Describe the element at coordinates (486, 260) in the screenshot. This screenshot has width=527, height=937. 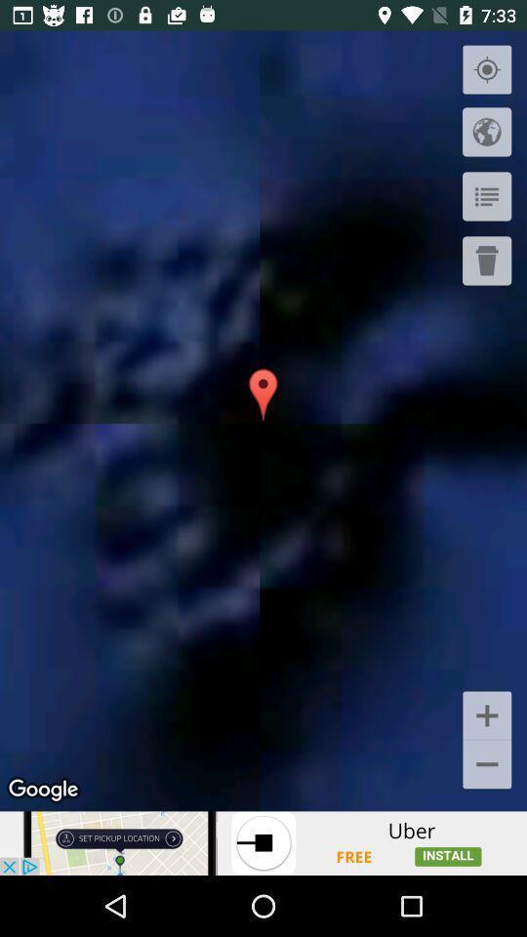
I see `delete it` at that location.